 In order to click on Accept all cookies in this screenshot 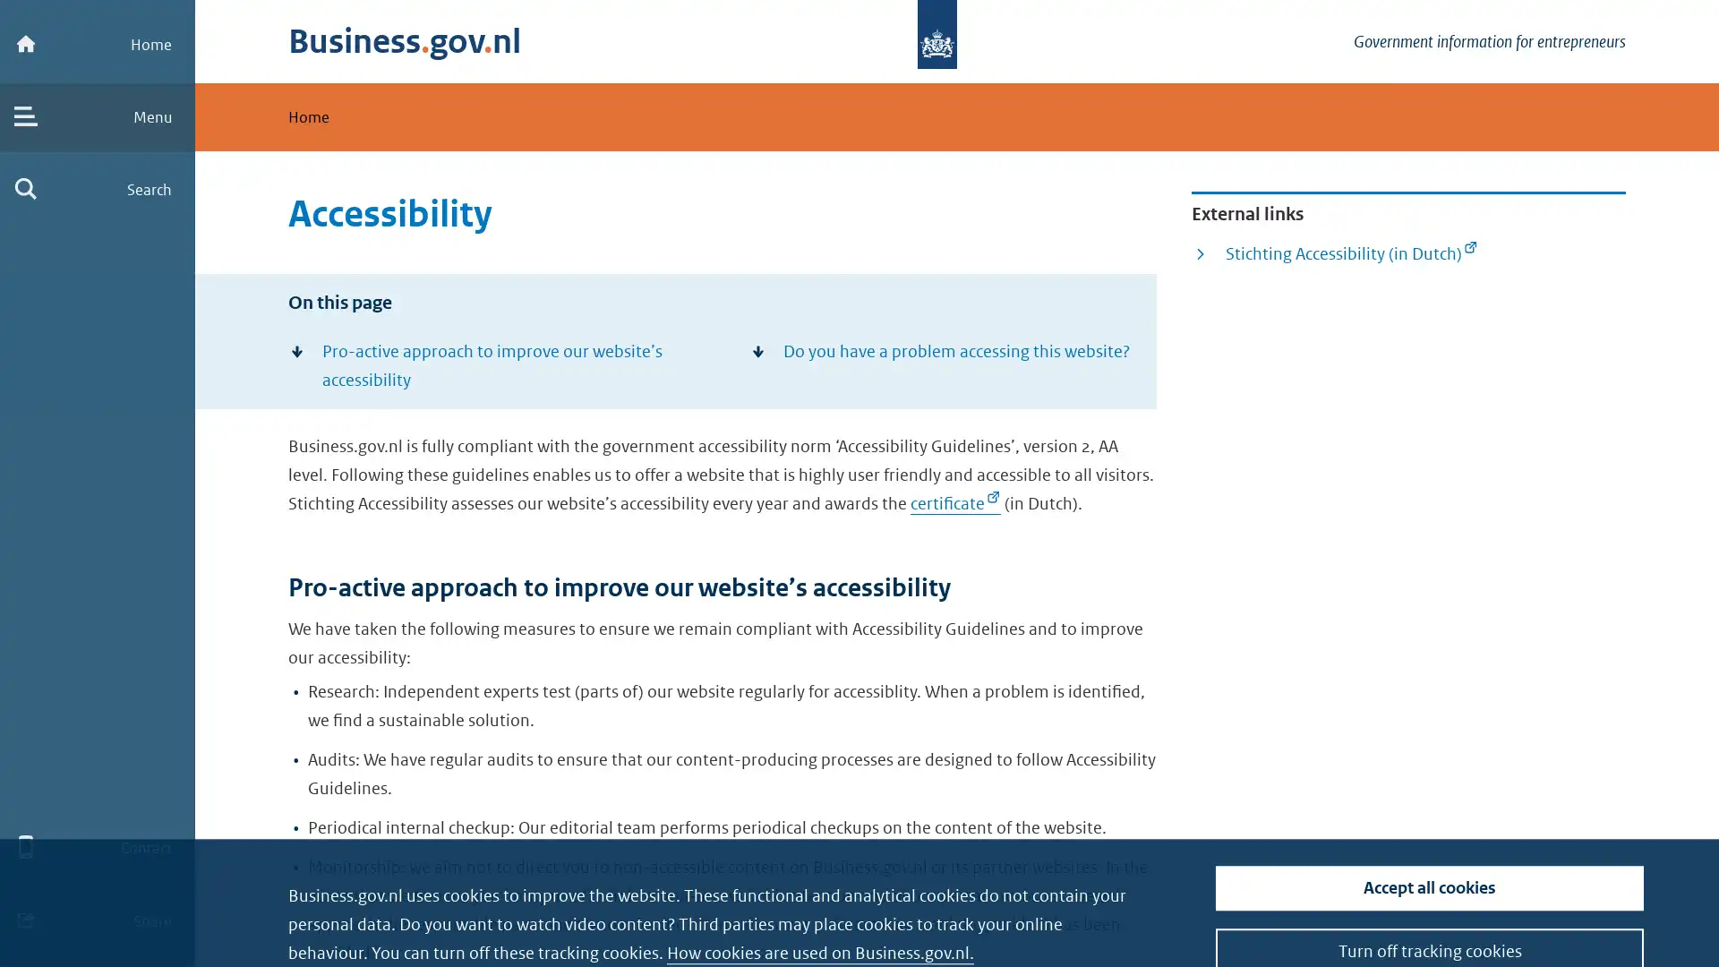, I will do `click(1429, 845)`.